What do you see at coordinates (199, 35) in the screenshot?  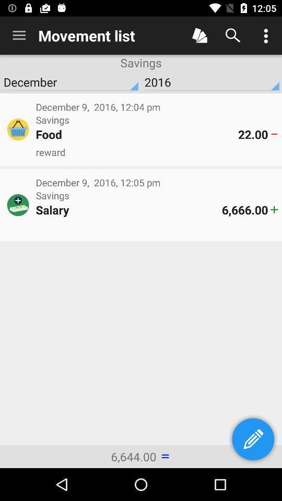 I see `record` at bounding box center [199, 35].